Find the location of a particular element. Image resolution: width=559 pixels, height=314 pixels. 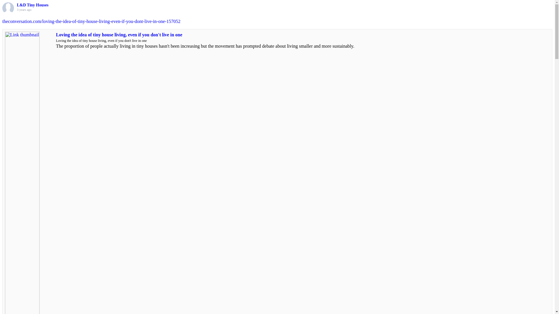

'L&D Tiny Houses' is located at coordinates (32, 5).